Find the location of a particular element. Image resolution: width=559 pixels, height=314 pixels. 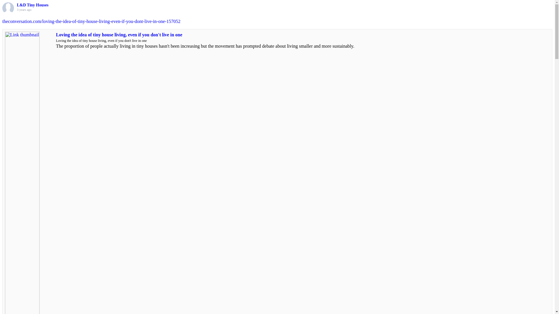

'L&D Tiny Houses' is located at coordinates (32, 5).